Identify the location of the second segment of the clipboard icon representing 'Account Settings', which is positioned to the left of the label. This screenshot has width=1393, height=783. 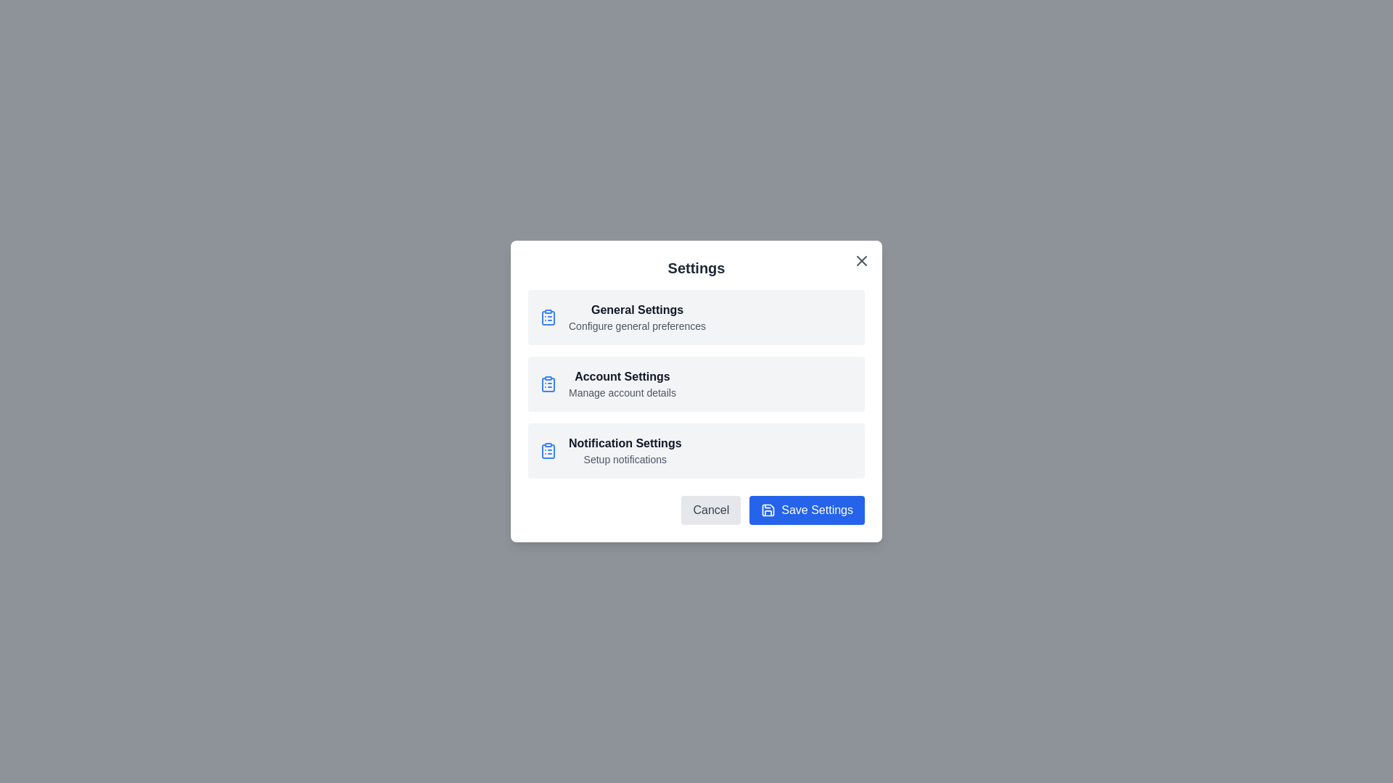
(547, 384).